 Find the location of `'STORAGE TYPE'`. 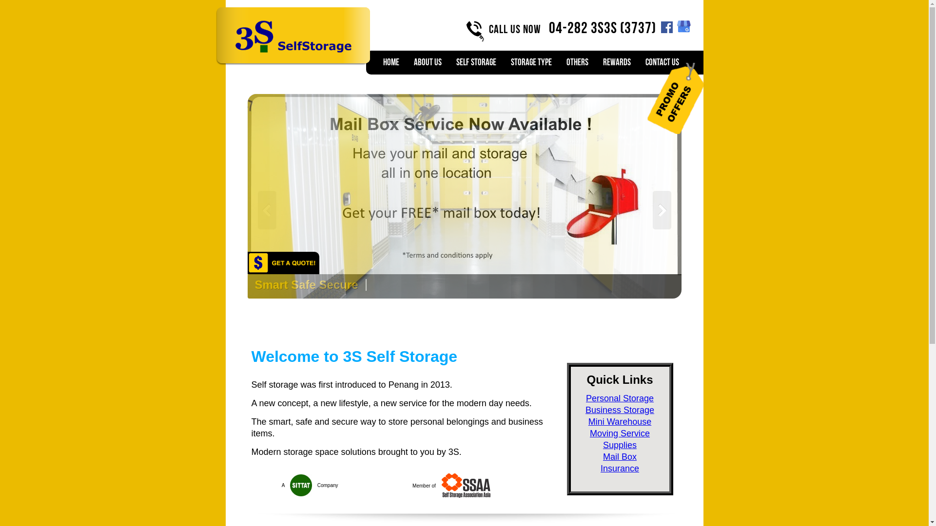

'STORAGE TYPE' is located at coordinates (530, 62).